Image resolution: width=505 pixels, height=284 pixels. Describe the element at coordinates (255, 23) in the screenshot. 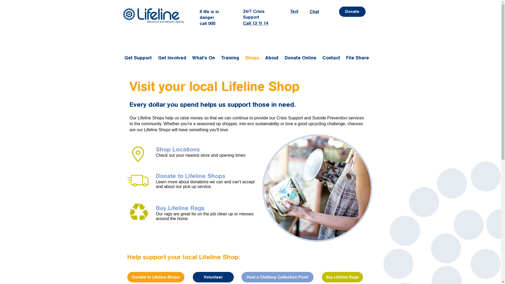

I see `'Call 13 11 14'` at that location.